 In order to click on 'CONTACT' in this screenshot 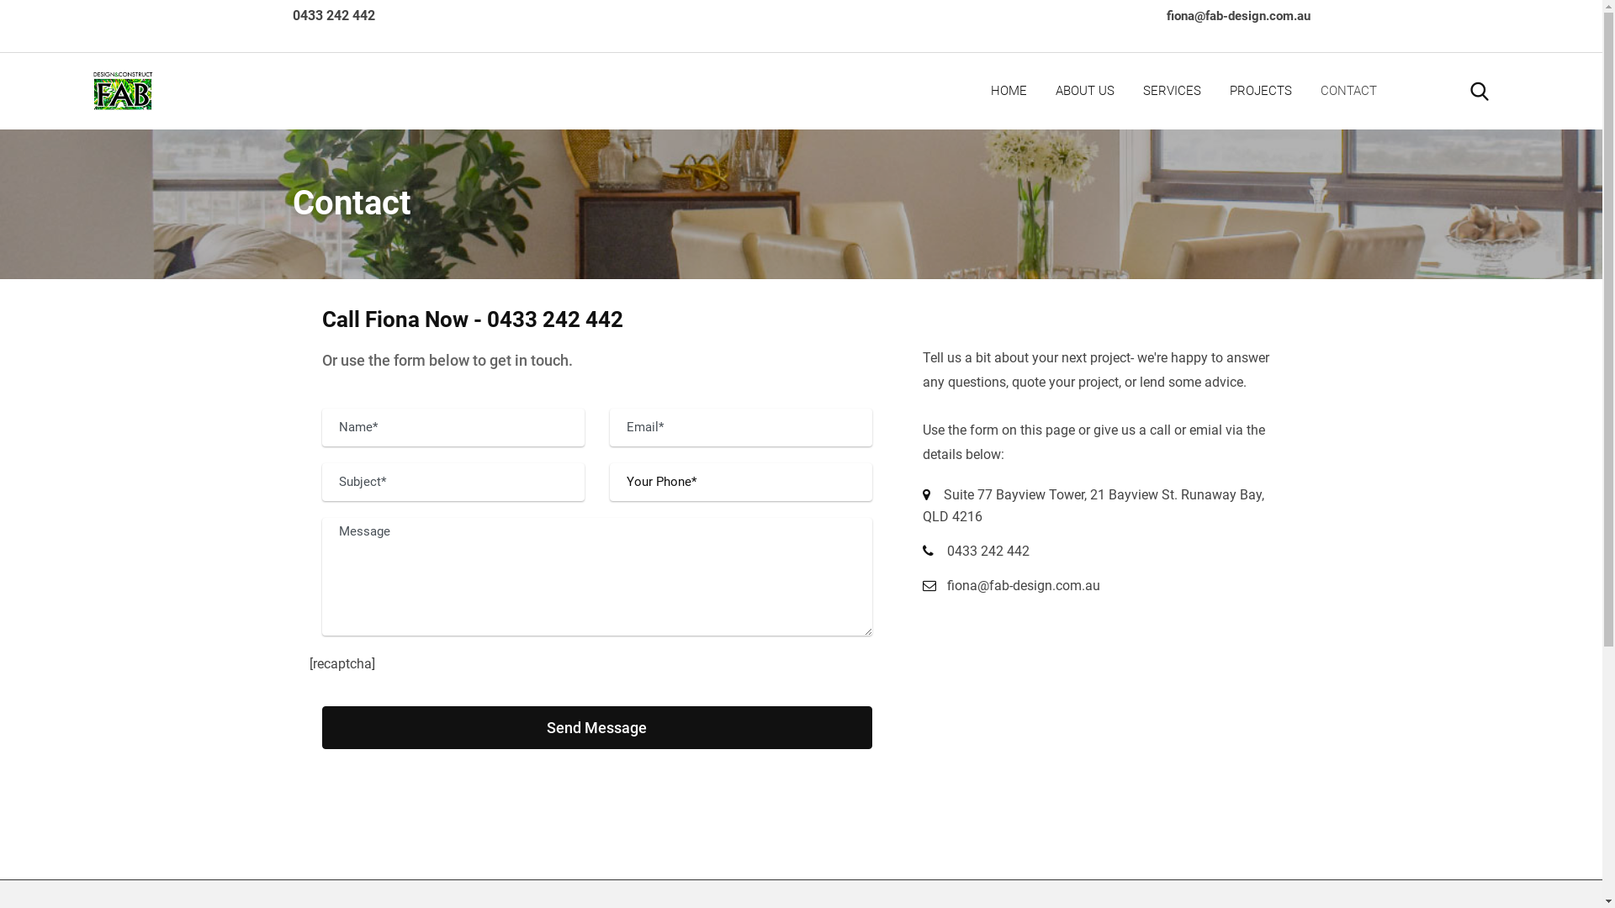, I will do `click(1348, 91)`.